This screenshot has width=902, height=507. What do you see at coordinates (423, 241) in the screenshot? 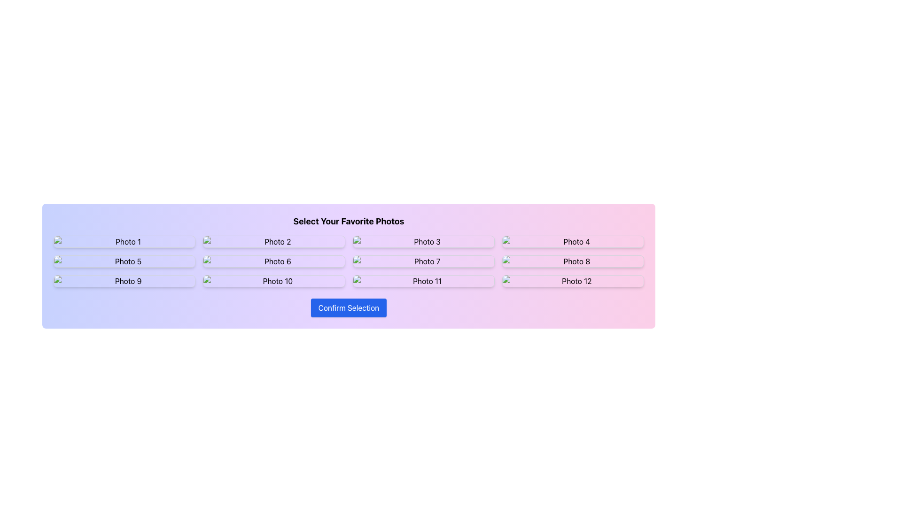
I see `the image representing the third photo option in the selectable grid, located in the second column of the first row` at bounding box center [423, 241].